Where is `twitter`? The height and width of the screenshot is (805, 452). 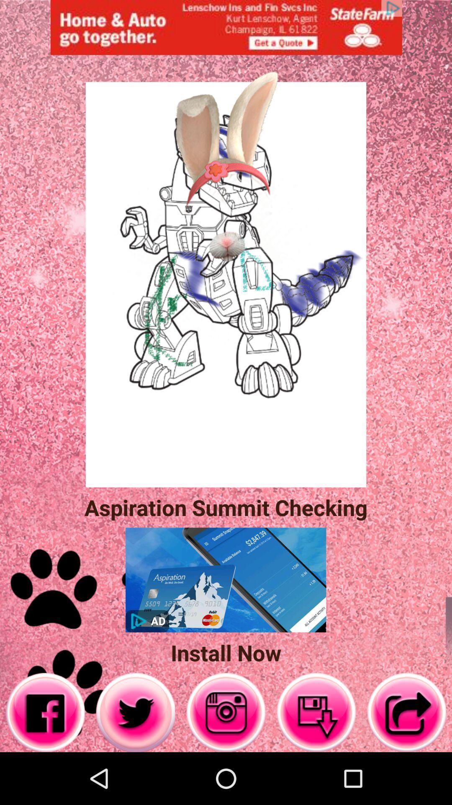
twitter is located at coordinates (135, 712).